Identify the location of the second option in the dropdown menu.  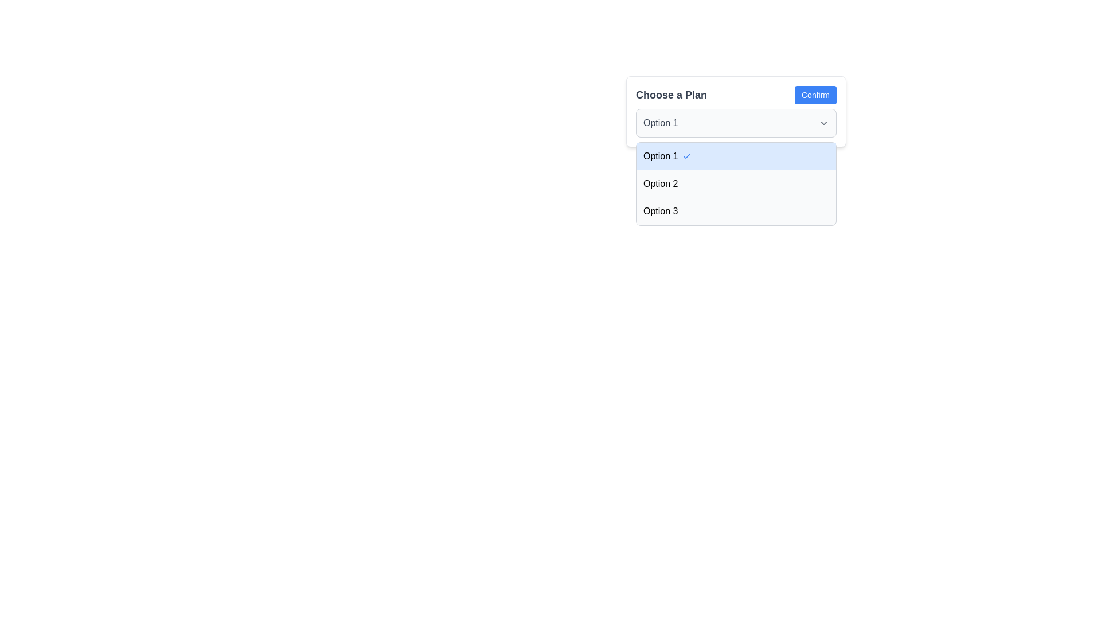
(736, 183).